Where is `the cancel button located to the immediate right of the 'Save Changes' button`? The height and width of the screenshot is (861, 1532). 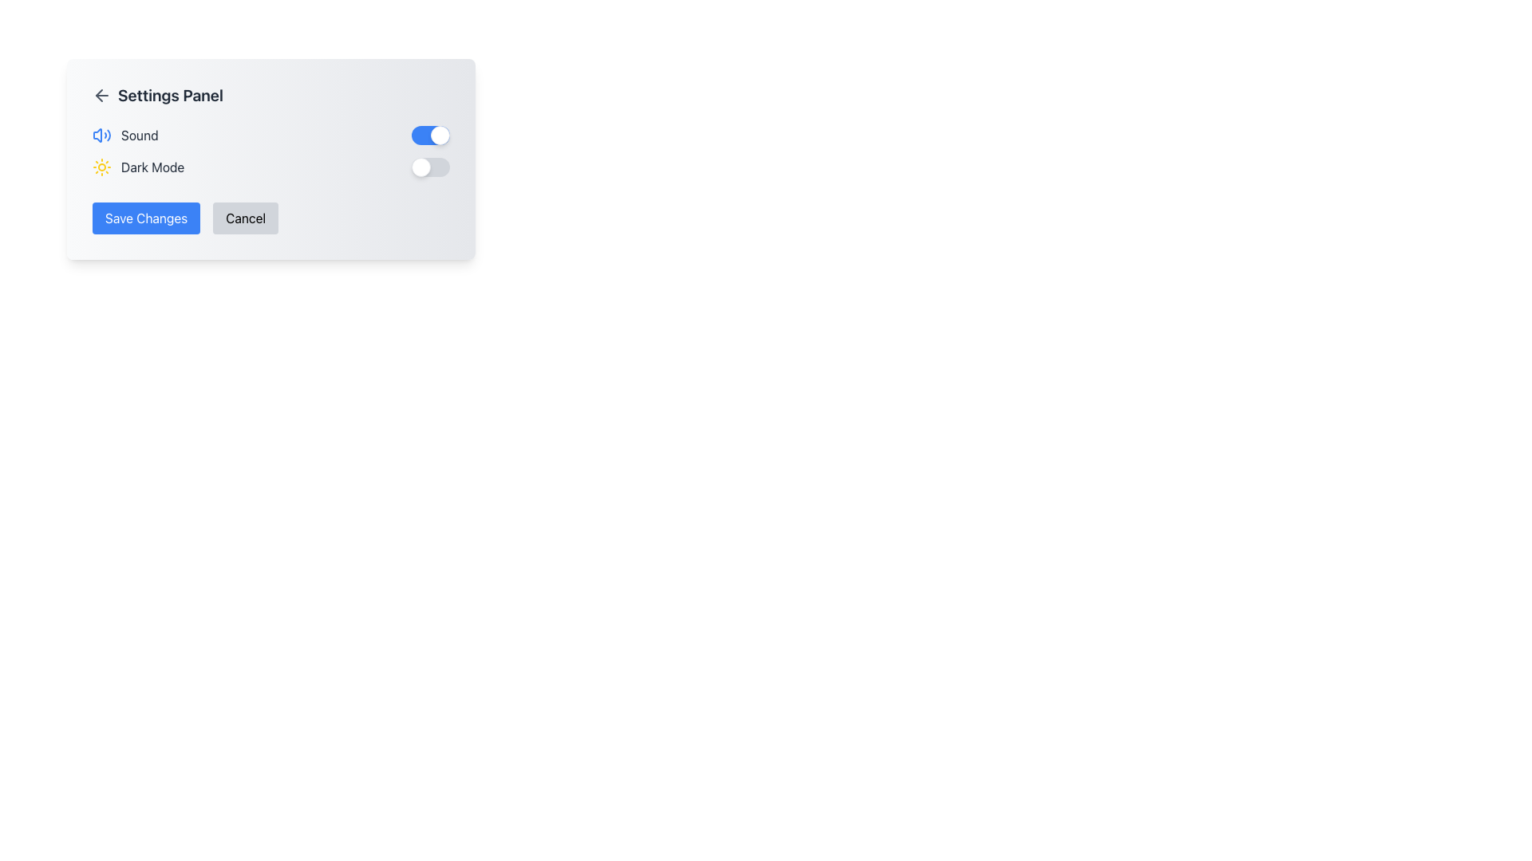 the cancel button located to the immediate right of the 'Save Changes' button is located at coordinates (244, 218).